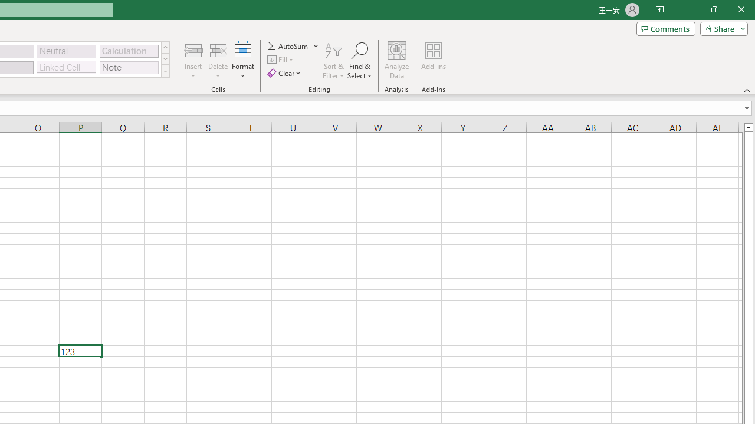  What do you see at coordinates (288, 45) in the screenshot?
I see `'Sum'` at bounding box center [288, 45].